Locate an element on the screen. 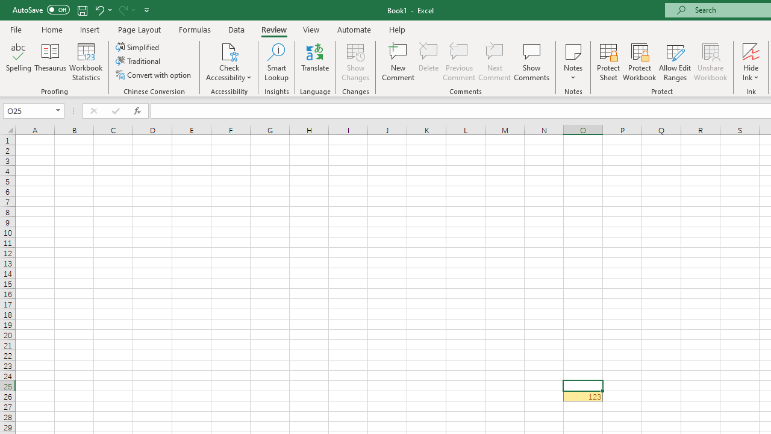 The image size is (771, 434). 'Next Comment' is located at coordinates (495, 62).